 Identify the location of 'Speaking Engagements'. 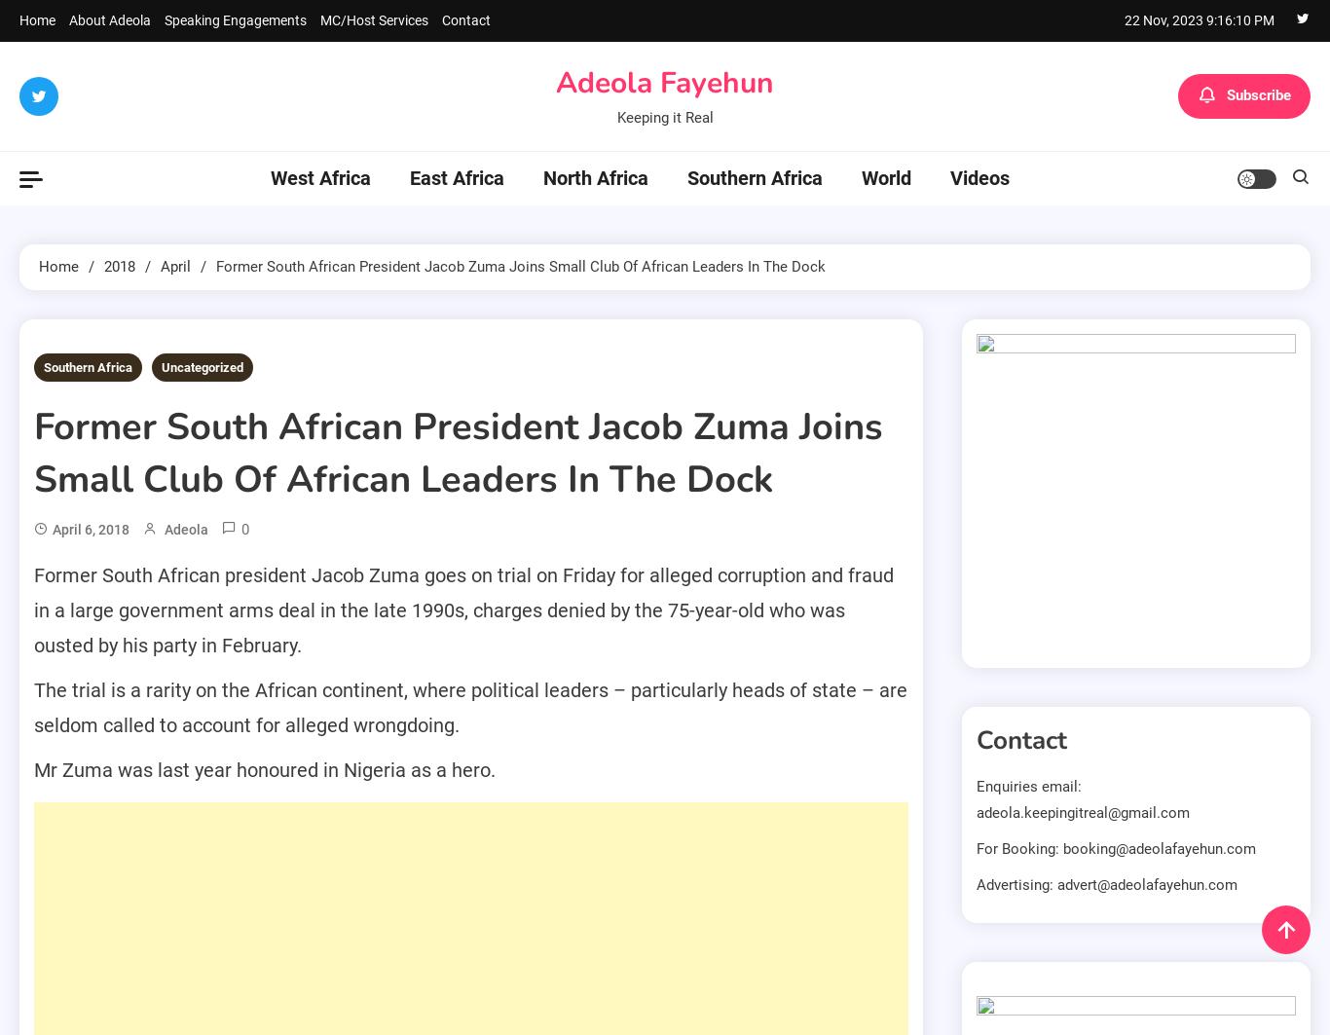
(236, 20).